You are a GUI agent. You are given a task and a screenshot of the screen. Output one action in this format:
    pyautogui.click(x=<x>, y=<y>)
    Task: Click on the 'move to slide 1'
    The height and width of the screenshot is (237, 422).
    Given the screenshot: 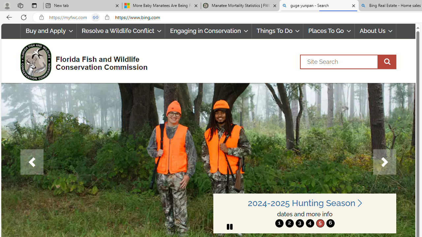 What is the action you would take?
    pyautogui.click(x=279, y=223)
    